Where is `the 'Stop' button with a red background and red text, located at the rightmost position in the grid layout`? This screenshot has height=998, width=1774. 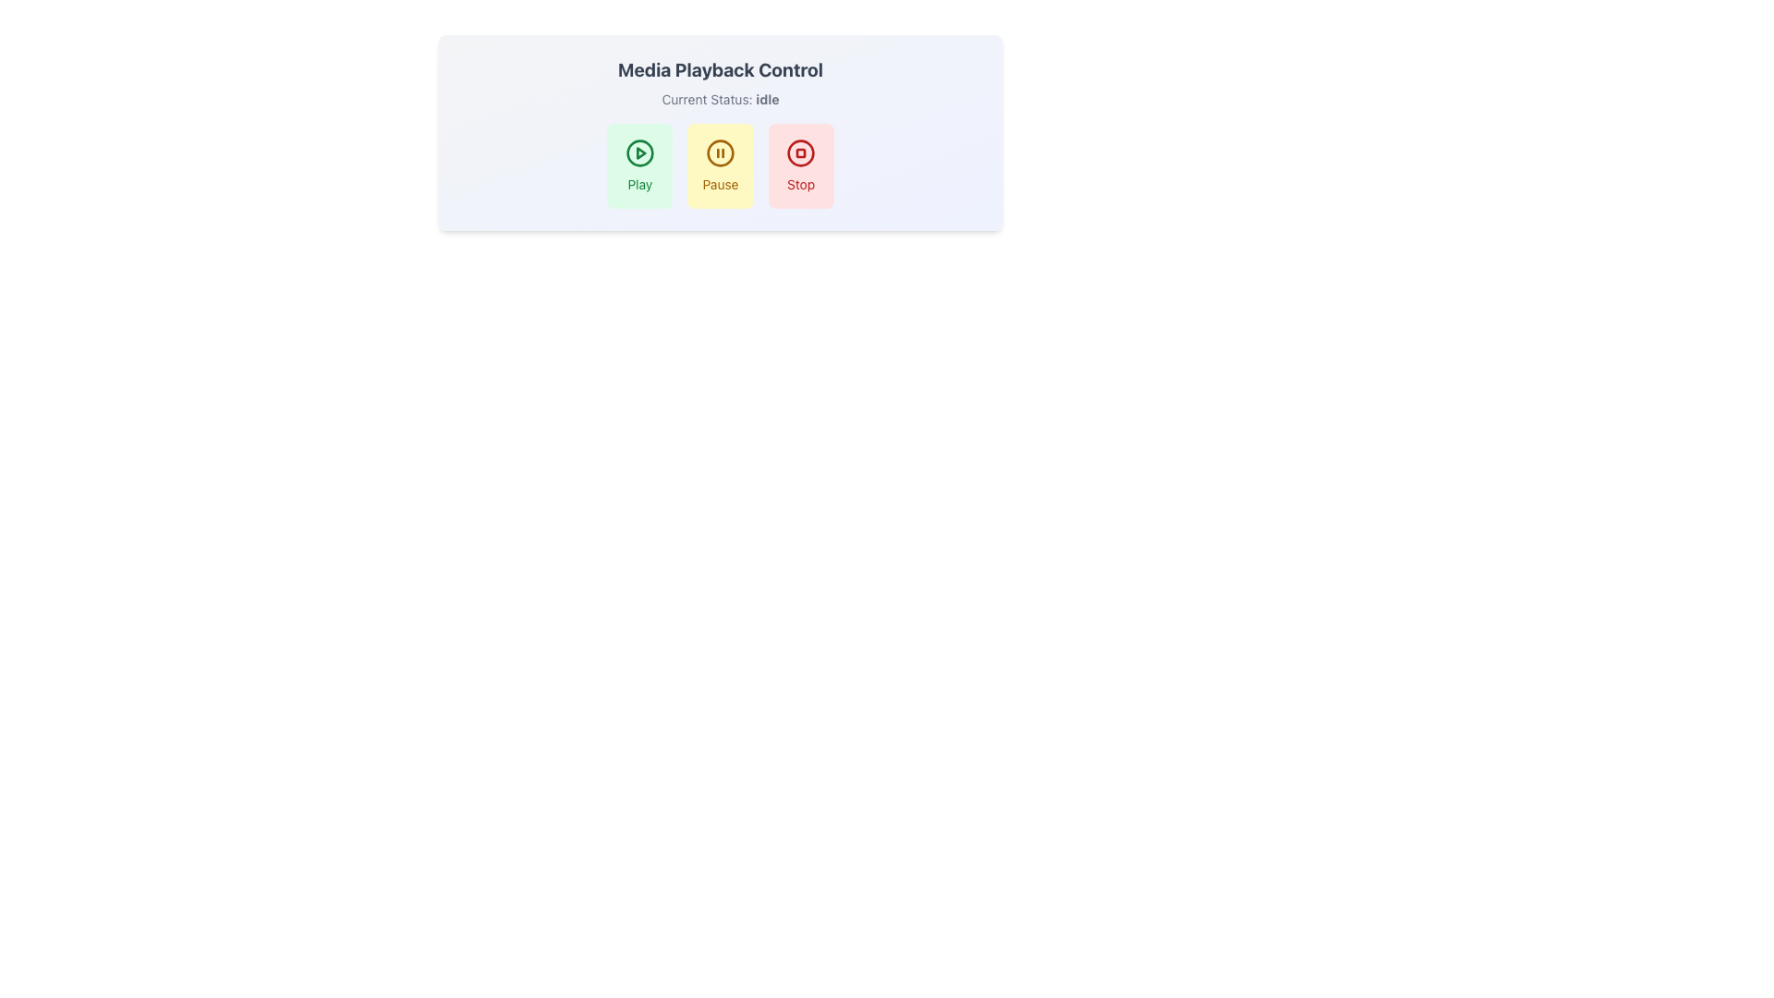 the 'Stop' button with a red background and red text, located at the rightmost position in the grid layout is located at coordinates (801, 166).